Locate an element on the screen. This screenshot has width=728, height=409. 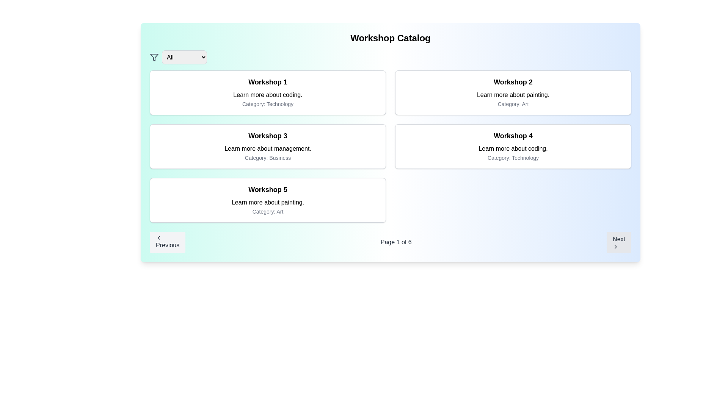
the text label displaying the current page number and total number of pages, located in the center of the pagination control bar at the bottom of the interface is located at coordinates (395, 242).